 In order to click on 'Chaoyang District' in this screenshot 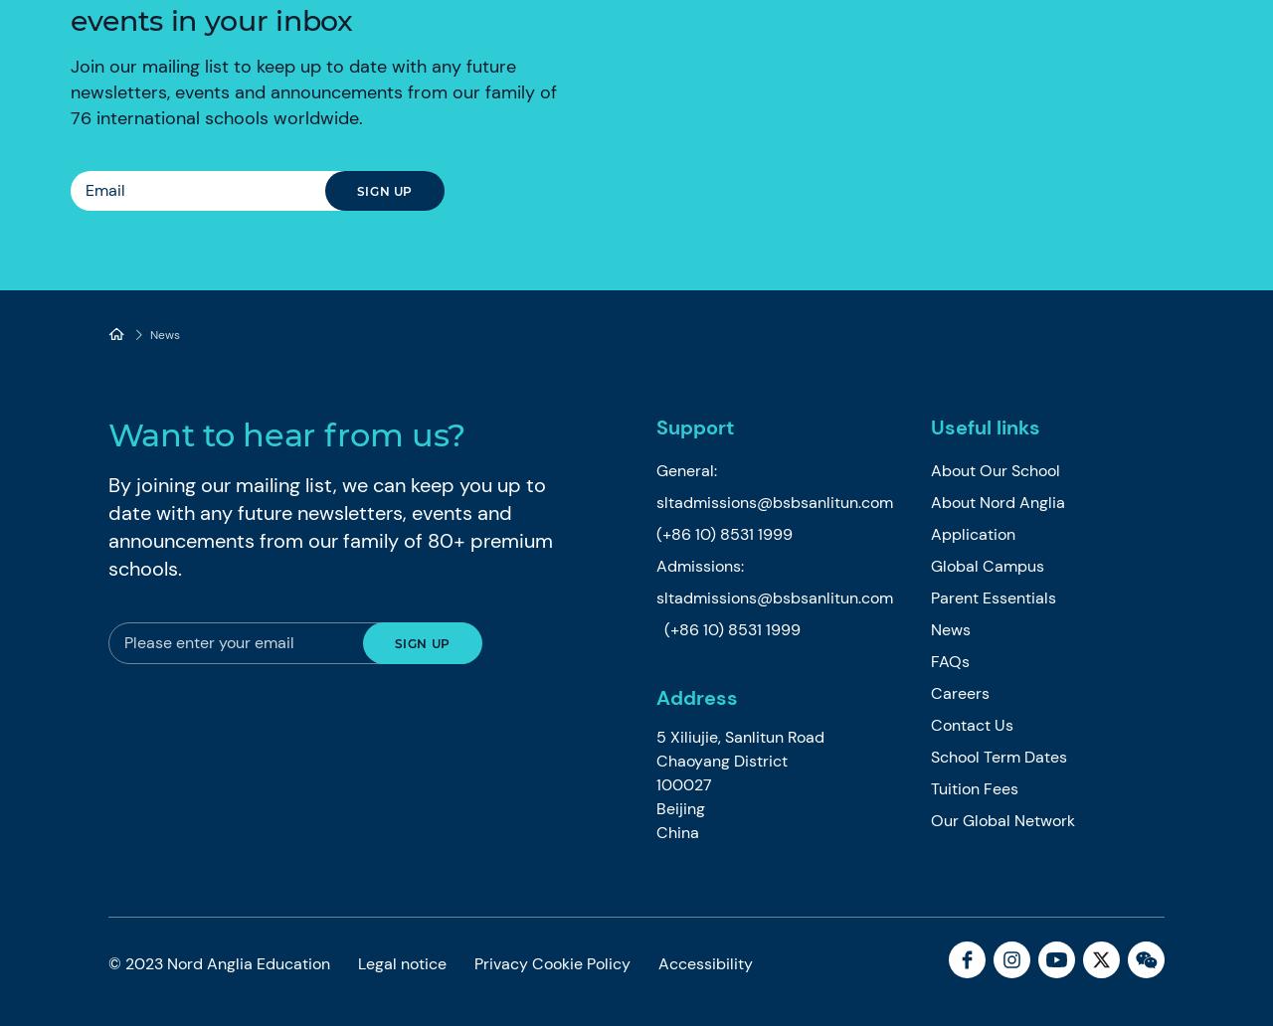, I will do `click(721, 760)`.